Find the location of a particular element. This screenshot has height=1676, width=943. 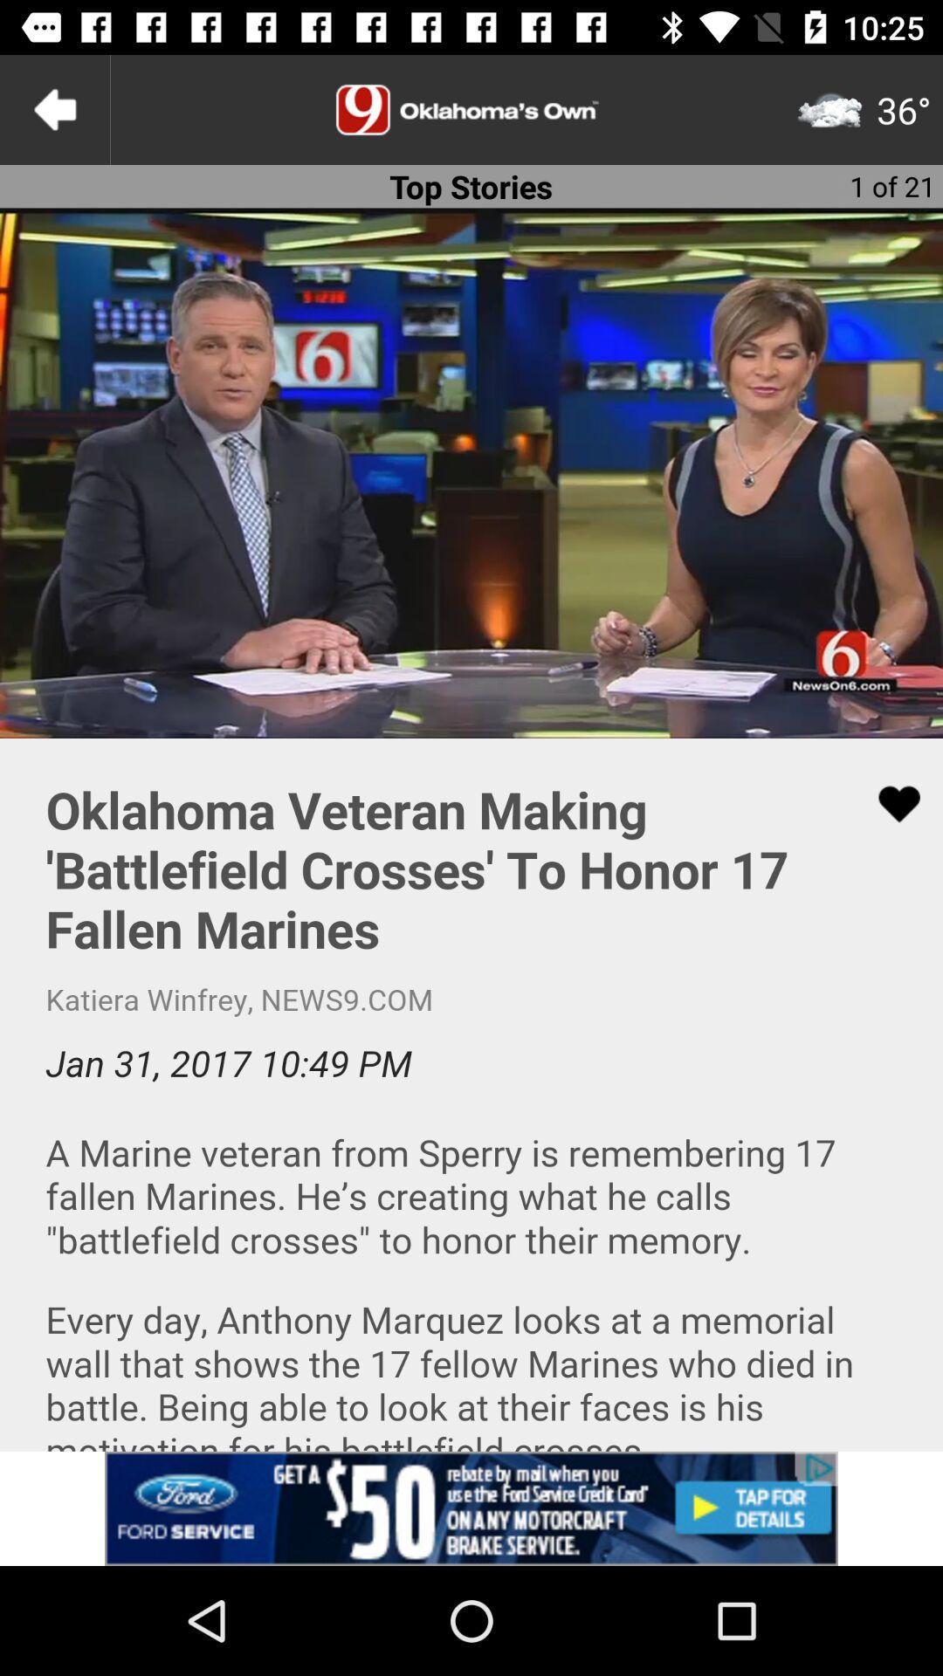

oklahoma s own is located at coordinates (471, 108).